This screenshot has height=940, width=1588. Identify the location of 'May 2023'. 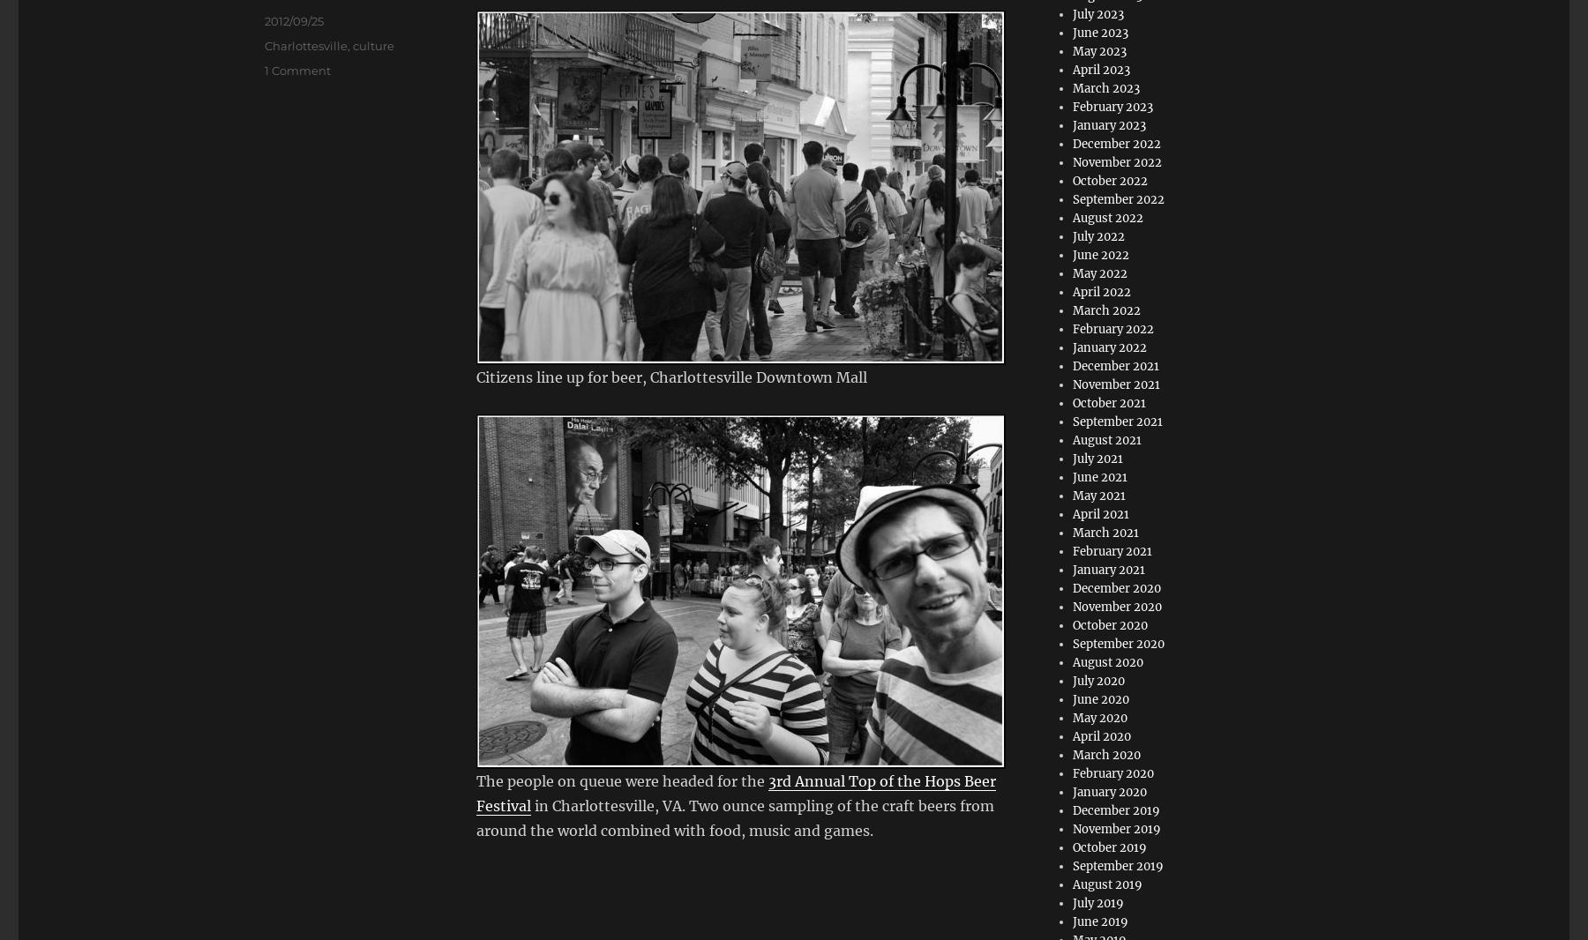
(1099, 50).